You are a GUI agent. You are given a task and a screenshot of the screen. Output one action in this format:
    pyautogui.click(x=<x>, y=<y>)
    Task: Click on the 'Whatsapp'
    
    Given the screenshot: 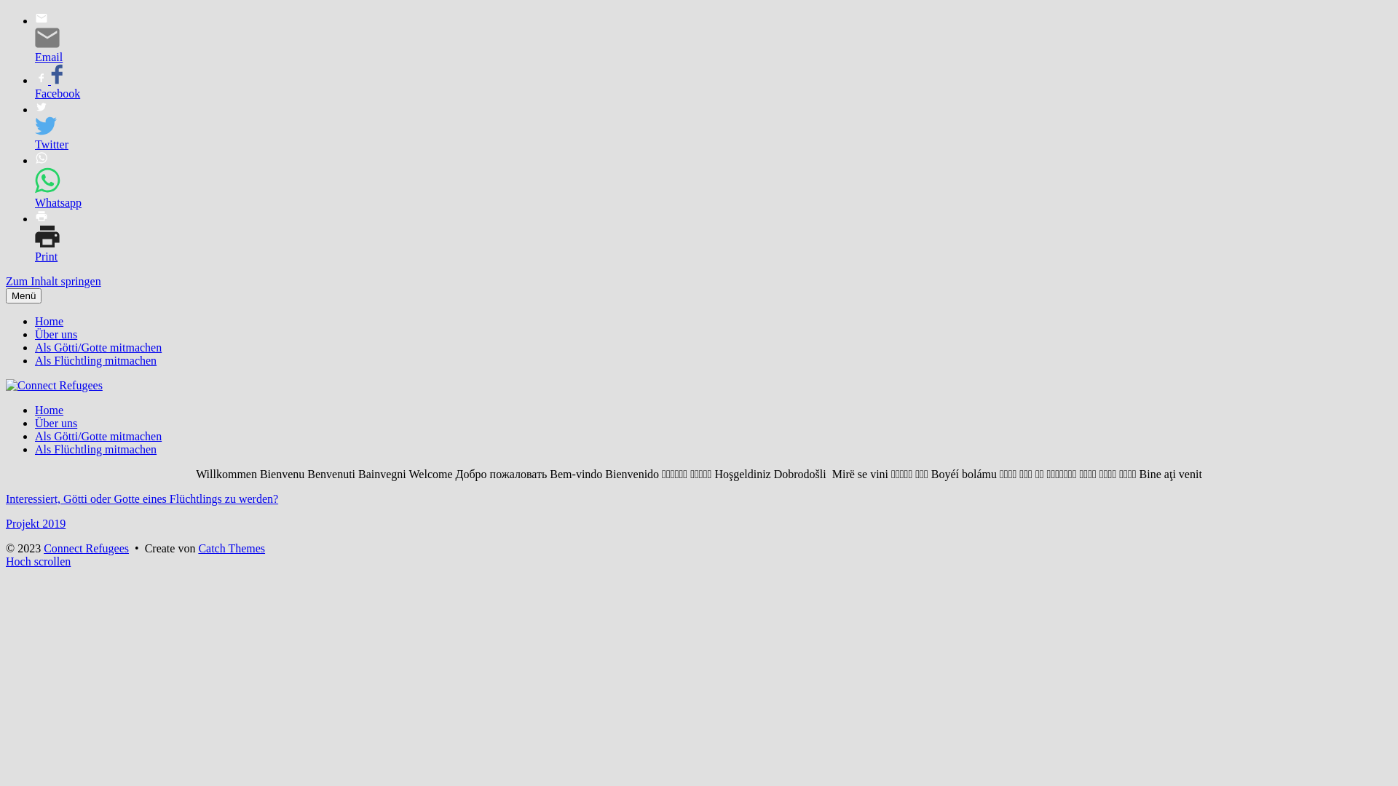 What is the action you would take?
    pyautogui.click(x=52, y=181)
    